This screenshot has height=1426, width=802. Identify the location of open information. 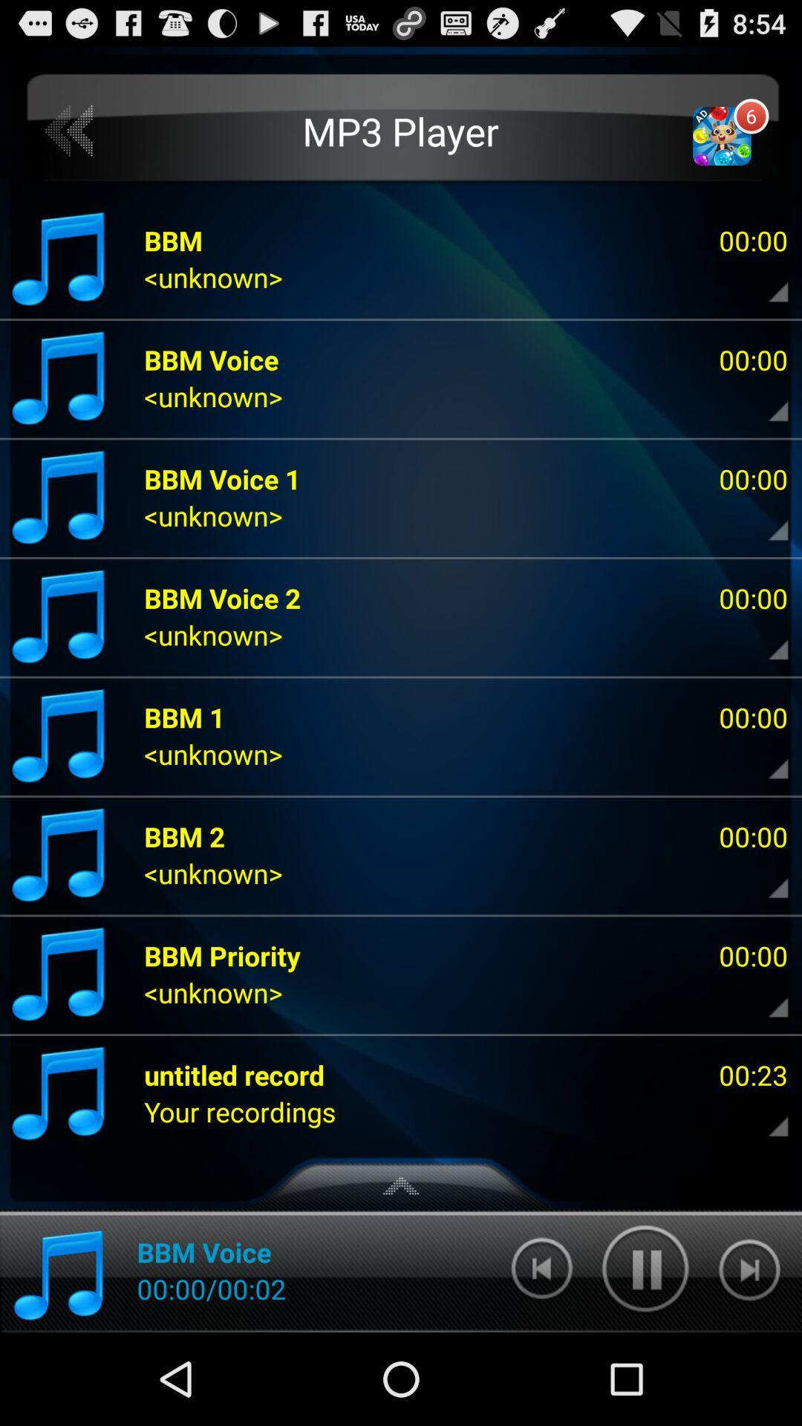
(766, 400).